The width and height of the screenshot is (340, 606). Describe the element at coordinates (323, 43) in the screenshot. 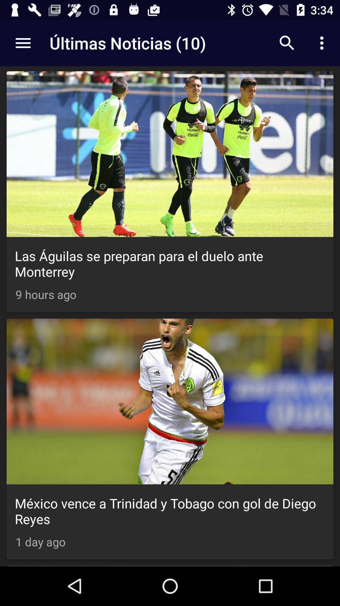

I see `the button beside search icon` at that location.